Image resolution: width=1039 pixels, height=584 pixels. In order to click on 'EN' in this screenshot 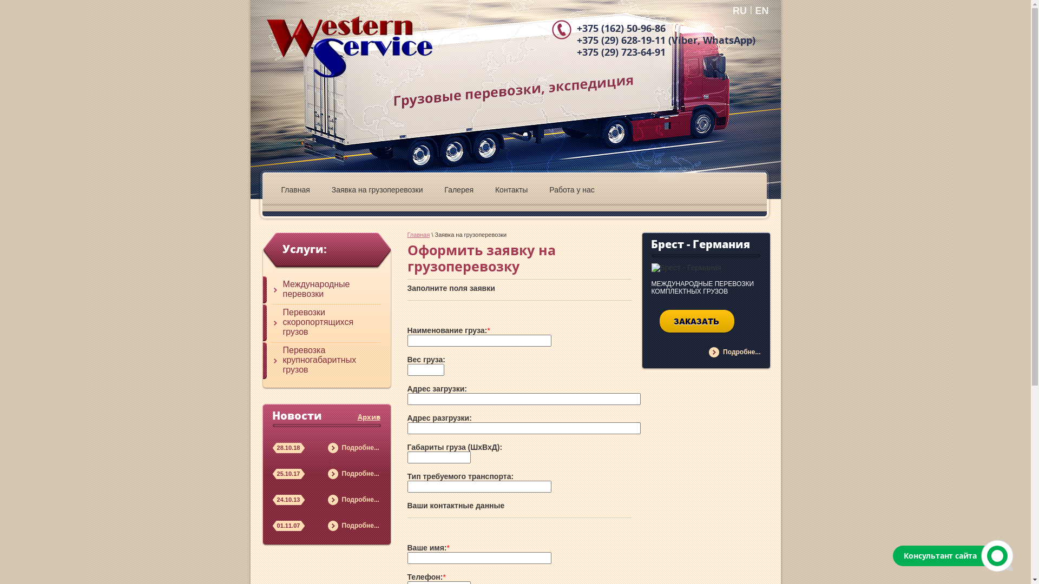, I will do `click(761, 11)`.